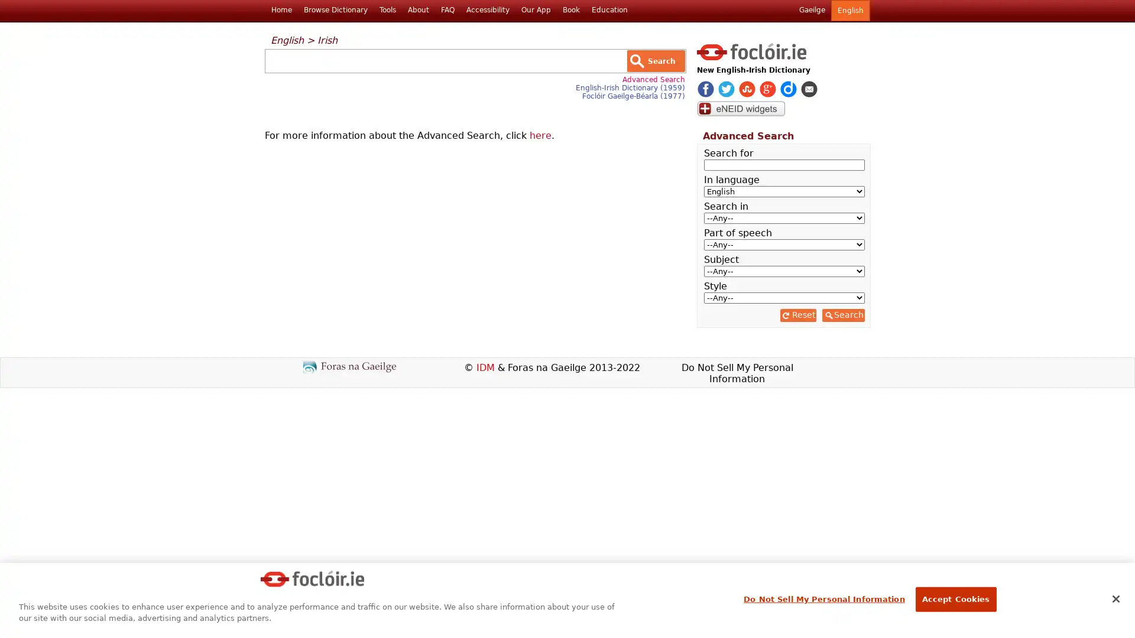  What do you see at coordinates (1115, 599) in the screenshot?
I see `Close` at bounding box center [1115, 599].